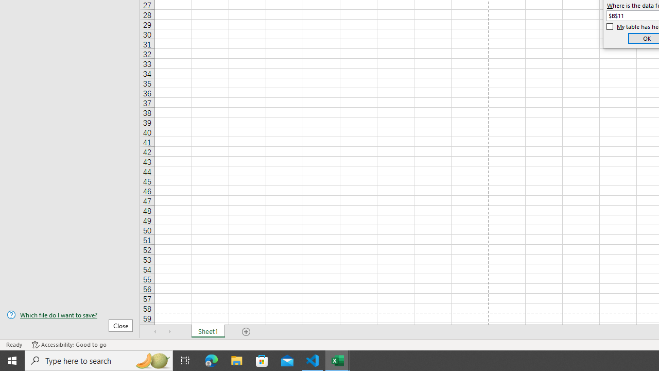 The image size is (659, 371). I want to click on 'Sheet1', so click(207, 332).